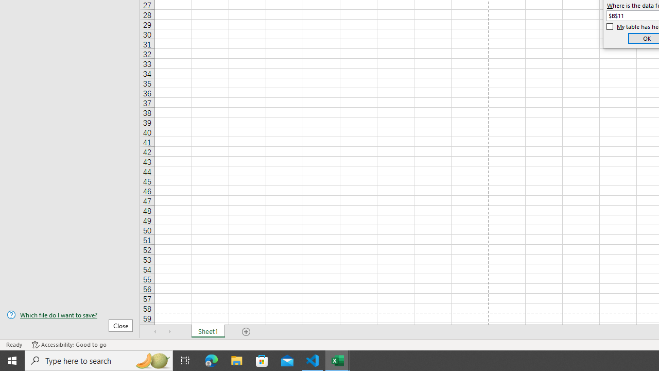 The image size is (659, 371). I want to click on 'Sheet1', so click(207, 332).